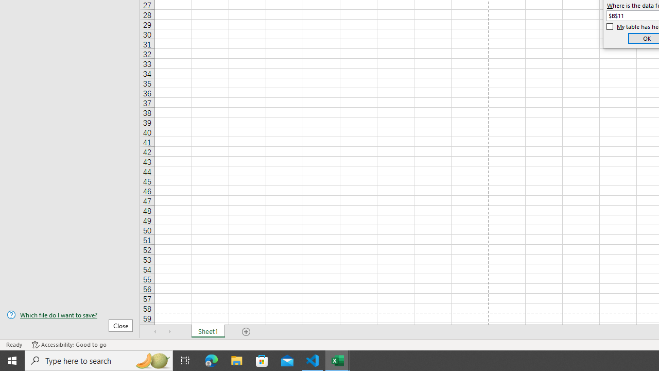 The image size is (659, 371). I want to click on 'Sheet1', so click(207, 332).